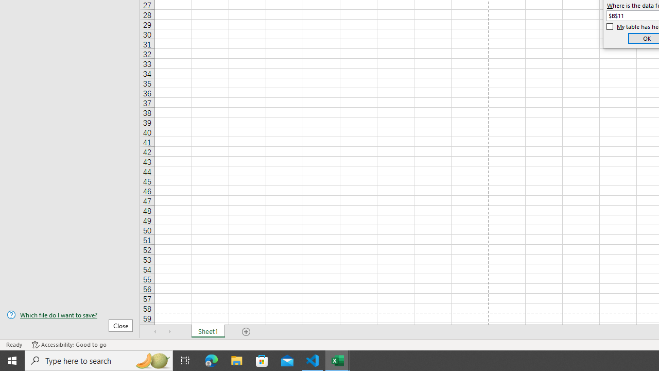 The image size is (659, 371). I want to click on 'Sheet1', so click(207, 332).